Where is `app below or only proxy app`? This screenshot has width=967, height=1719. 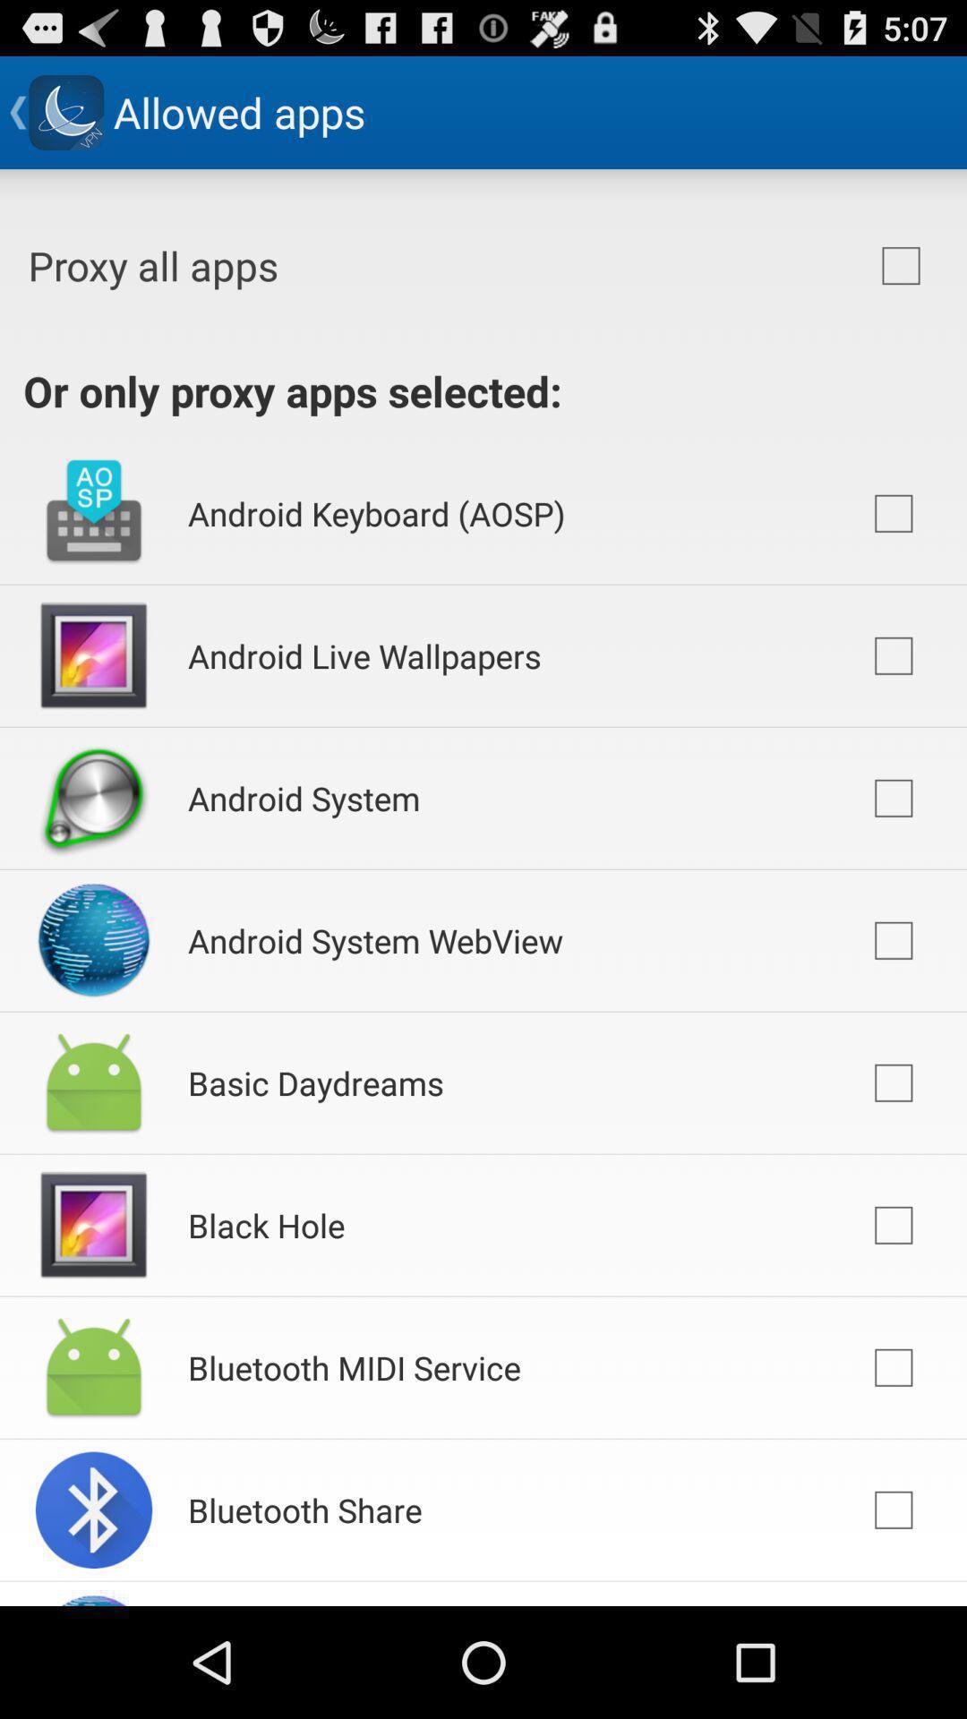
app below or only proxy app is located at coordinates (375, 512).